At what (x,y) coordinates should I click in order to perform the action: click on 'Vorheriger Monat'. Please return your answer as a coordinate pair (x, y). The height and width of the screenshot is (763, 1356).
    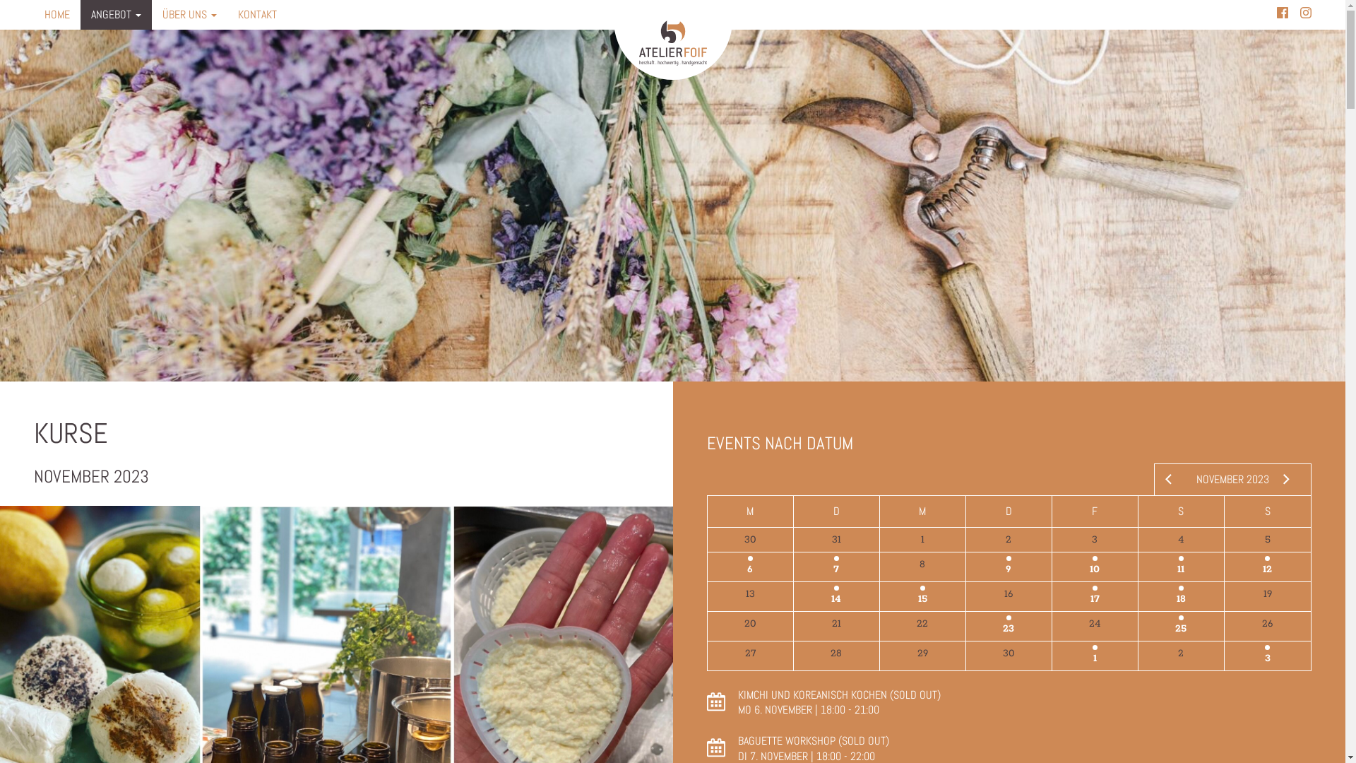
    Looking at the image, I should click on (1162, 478).